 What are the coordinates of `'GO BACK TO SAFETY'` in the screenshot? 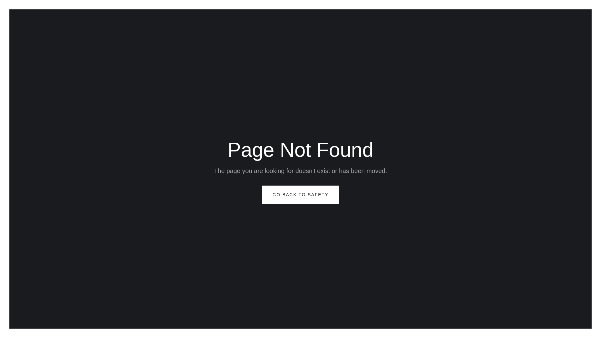 It's located at (300, 194).